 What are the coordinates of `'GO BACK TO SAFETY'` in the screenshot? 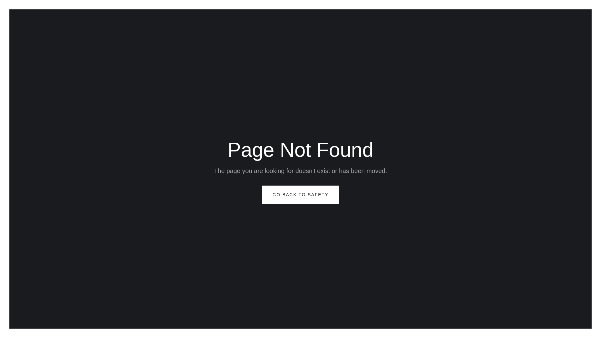 It's located at (300, 194).